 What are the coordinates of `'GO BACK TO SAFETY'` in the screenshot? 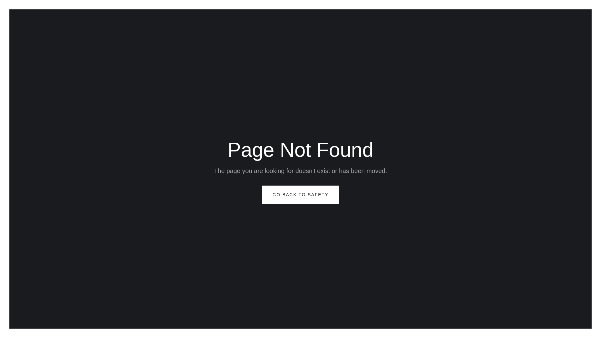 It's located at (300, 194).